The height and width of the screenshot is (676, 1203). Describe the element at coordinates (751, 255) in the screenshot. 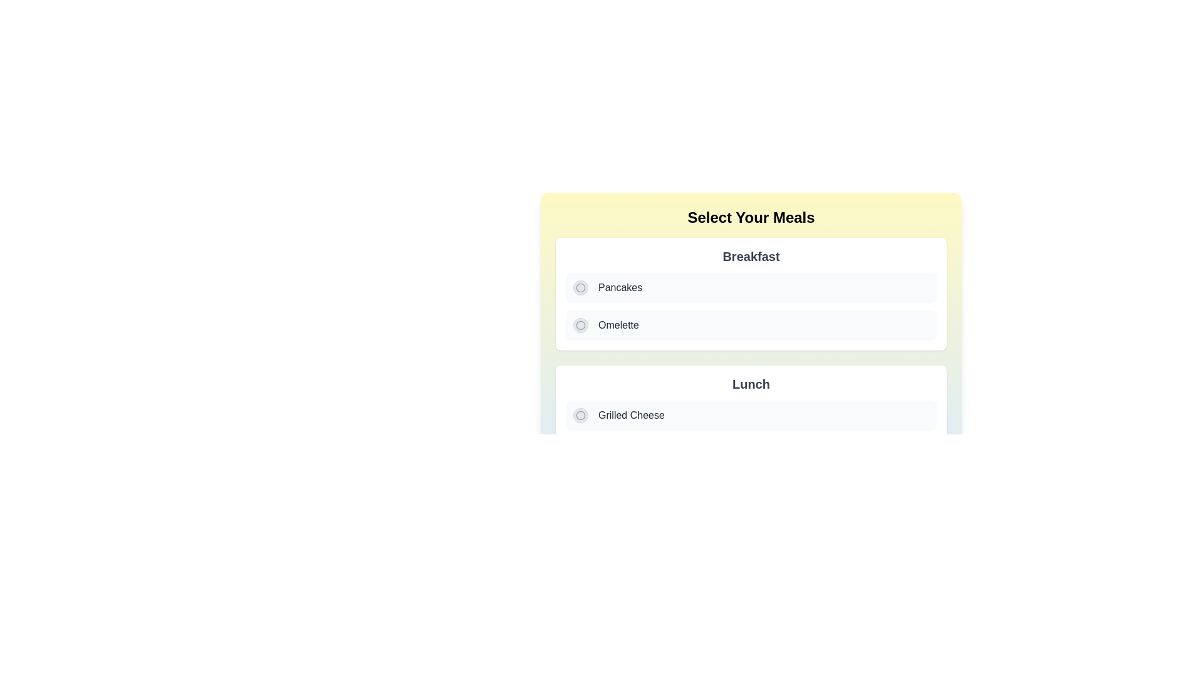

I see `text label indicating the meal category (Breakfast) located at the center of the white card section with rounded corners and shadows, positioned above the items like 'Pancakes' and 'Omelette'` at that location.